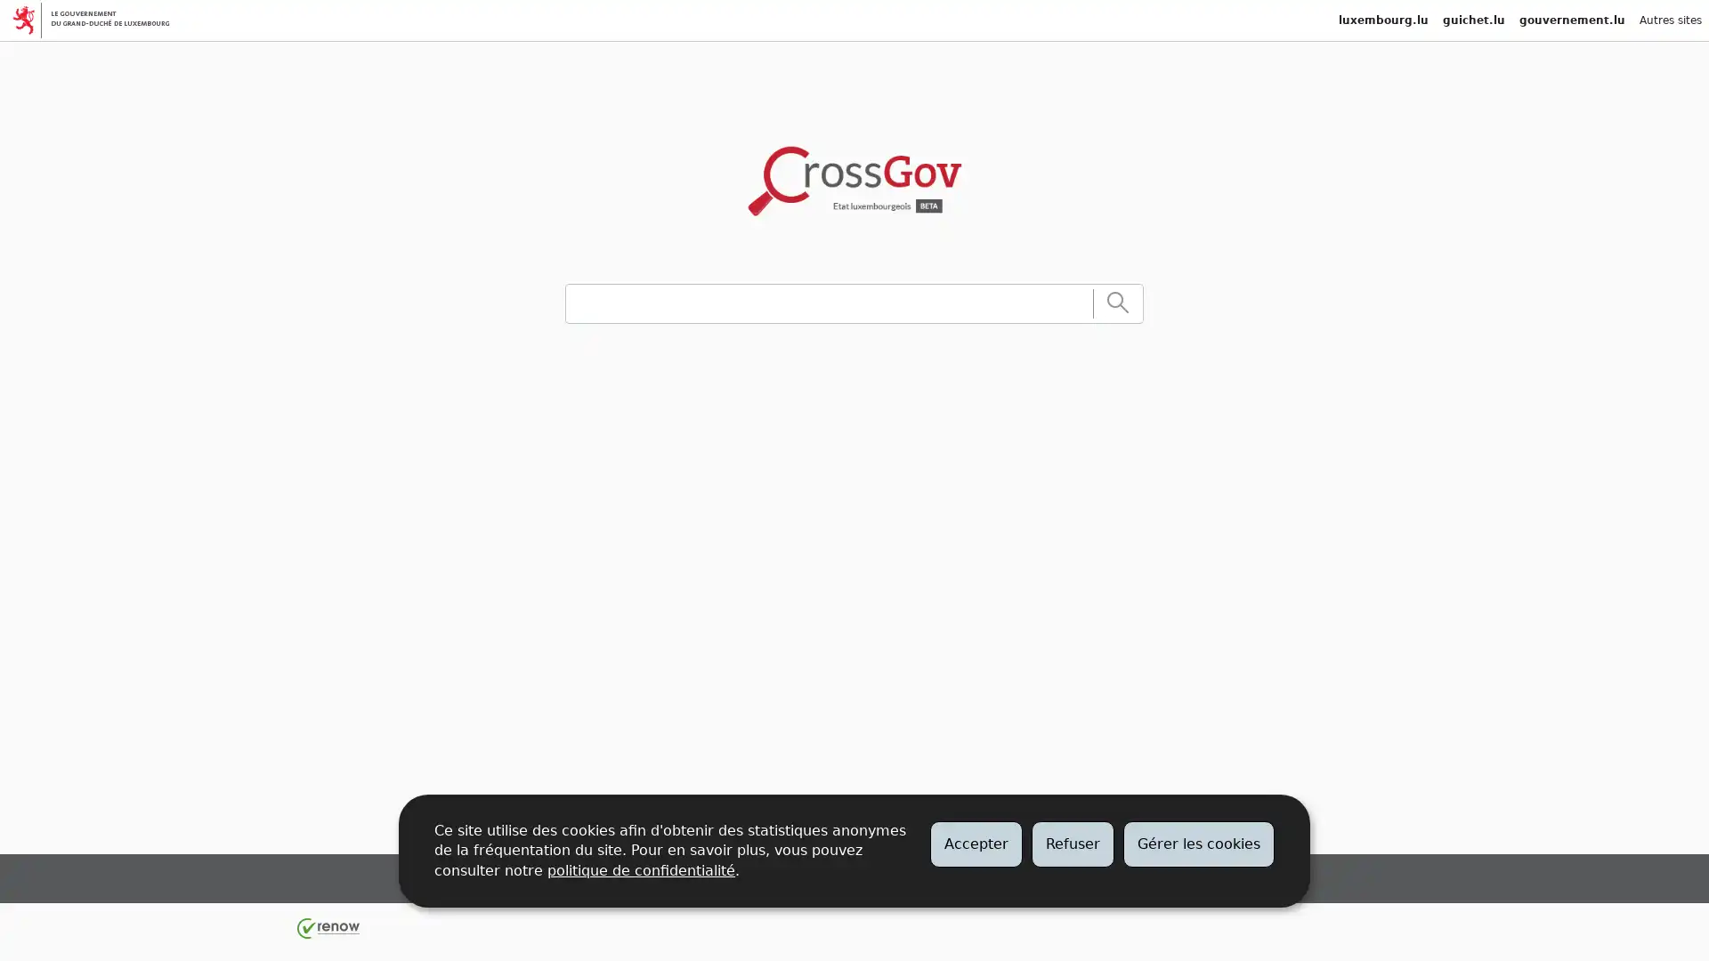  I want to click on Lancer la recherche (Global), so click(1117, 302).